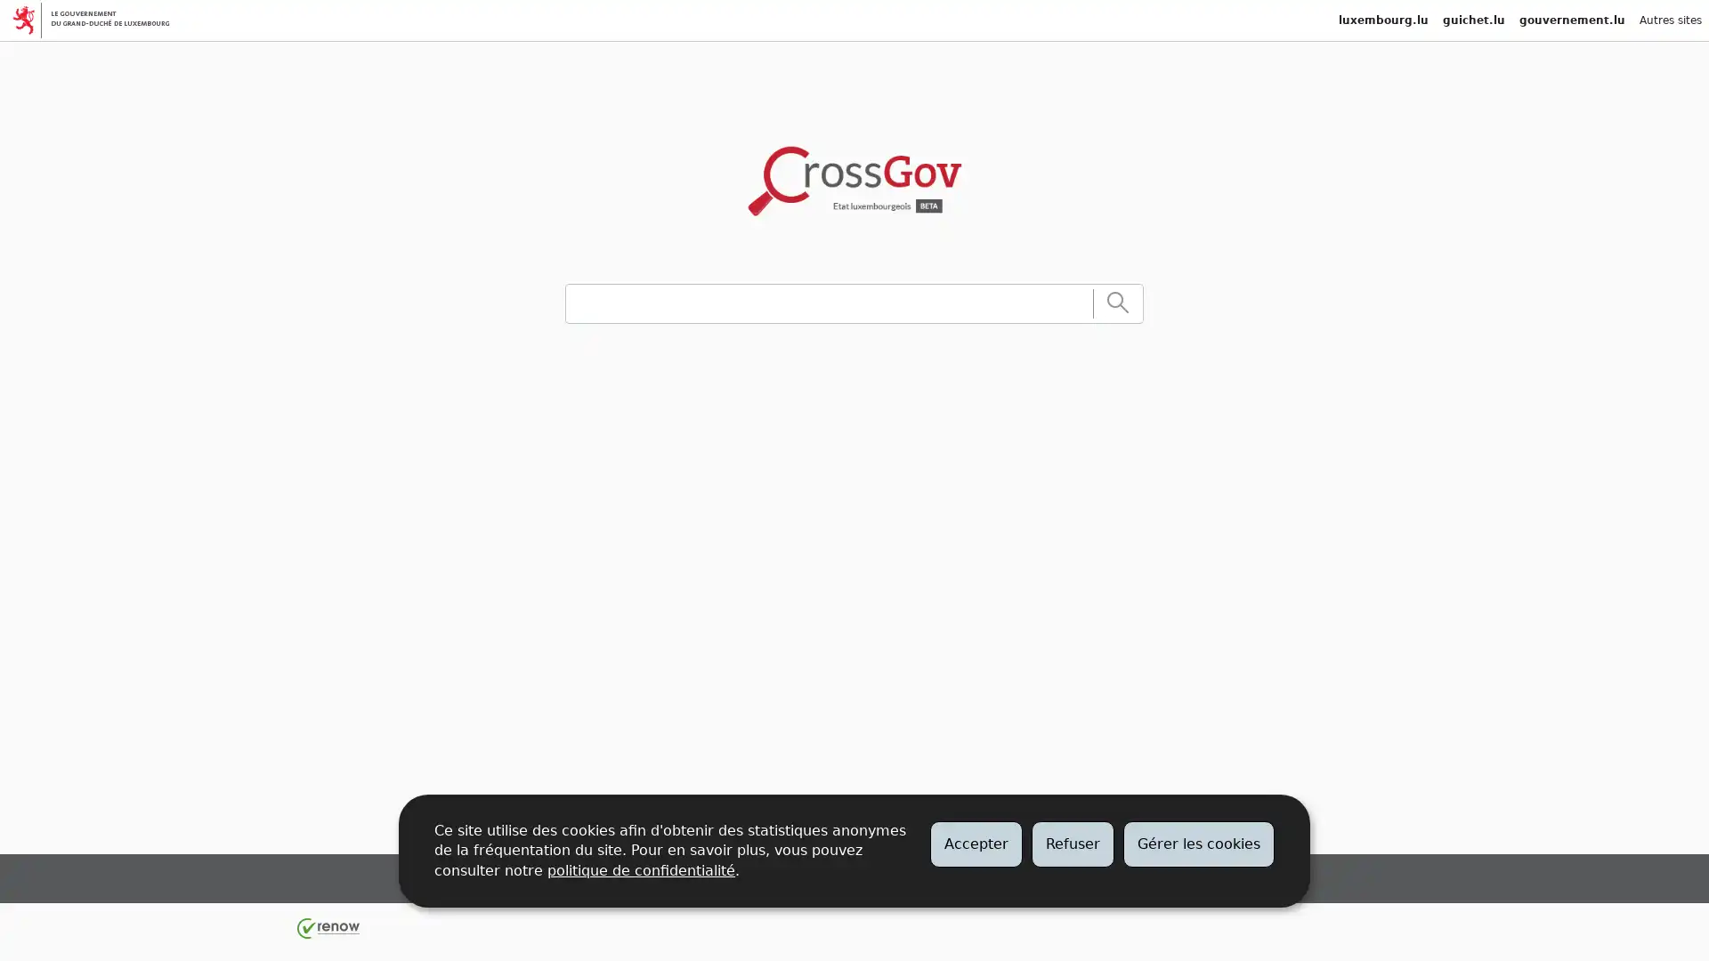  I want to click on Lancer la recherche (Global), so click(1117, 302).